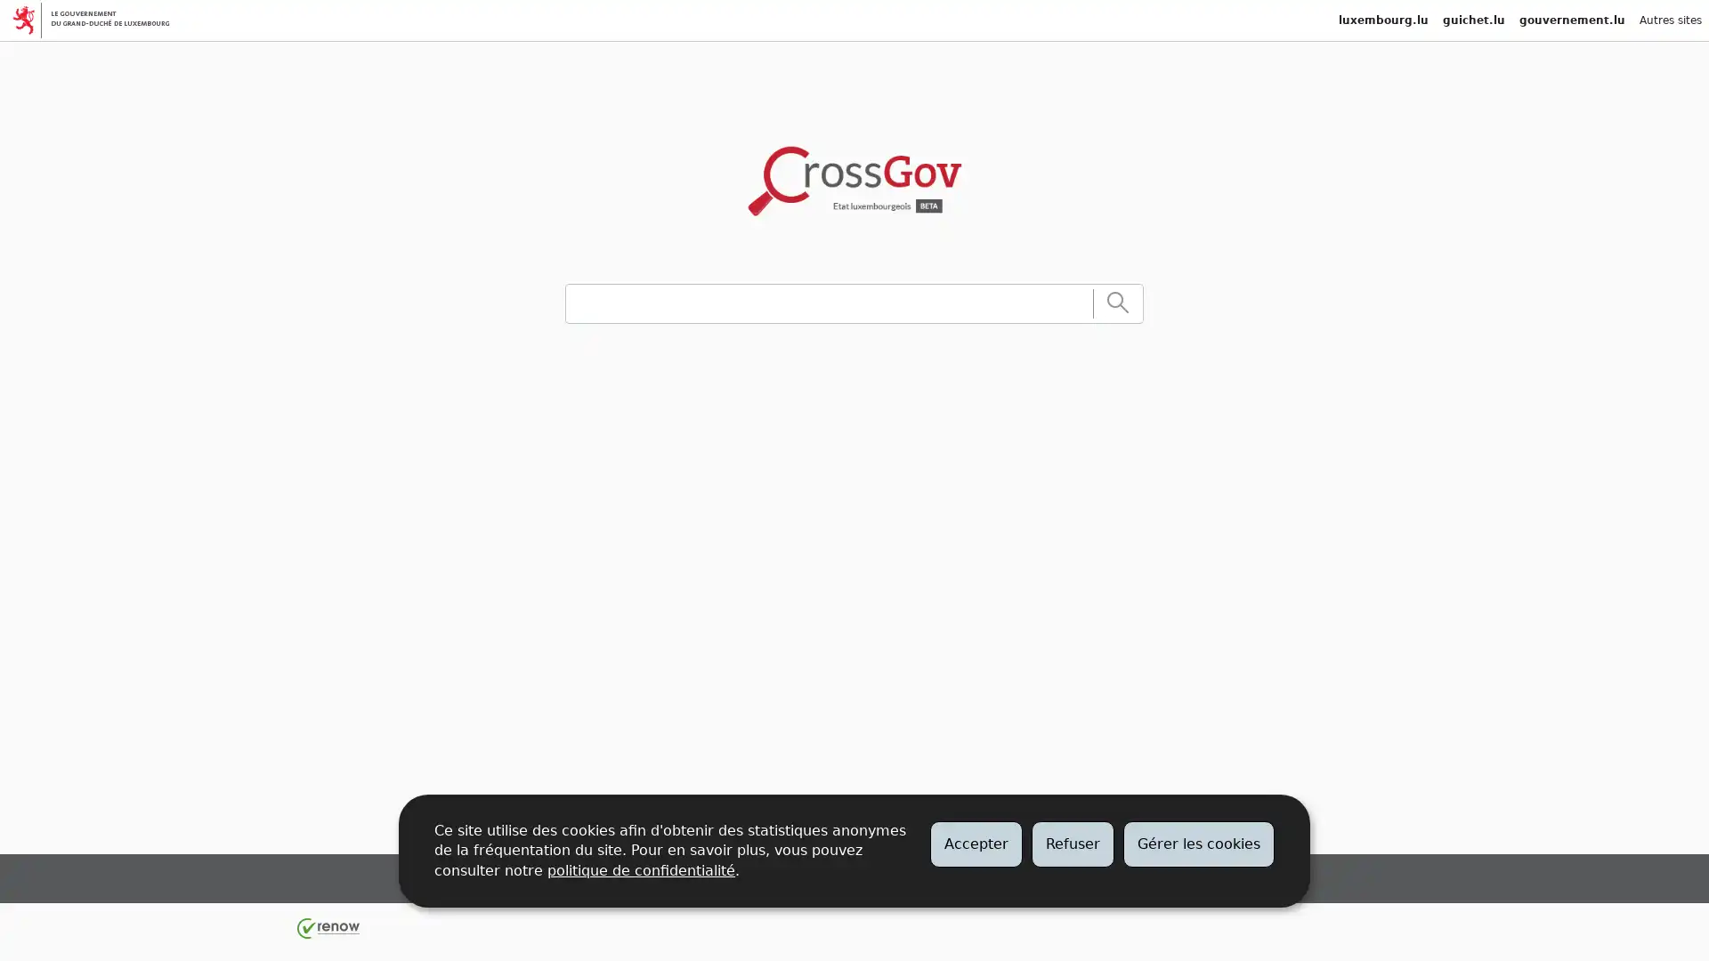  I want to click on Lancer la recherche (Global), so click(1117, 302).